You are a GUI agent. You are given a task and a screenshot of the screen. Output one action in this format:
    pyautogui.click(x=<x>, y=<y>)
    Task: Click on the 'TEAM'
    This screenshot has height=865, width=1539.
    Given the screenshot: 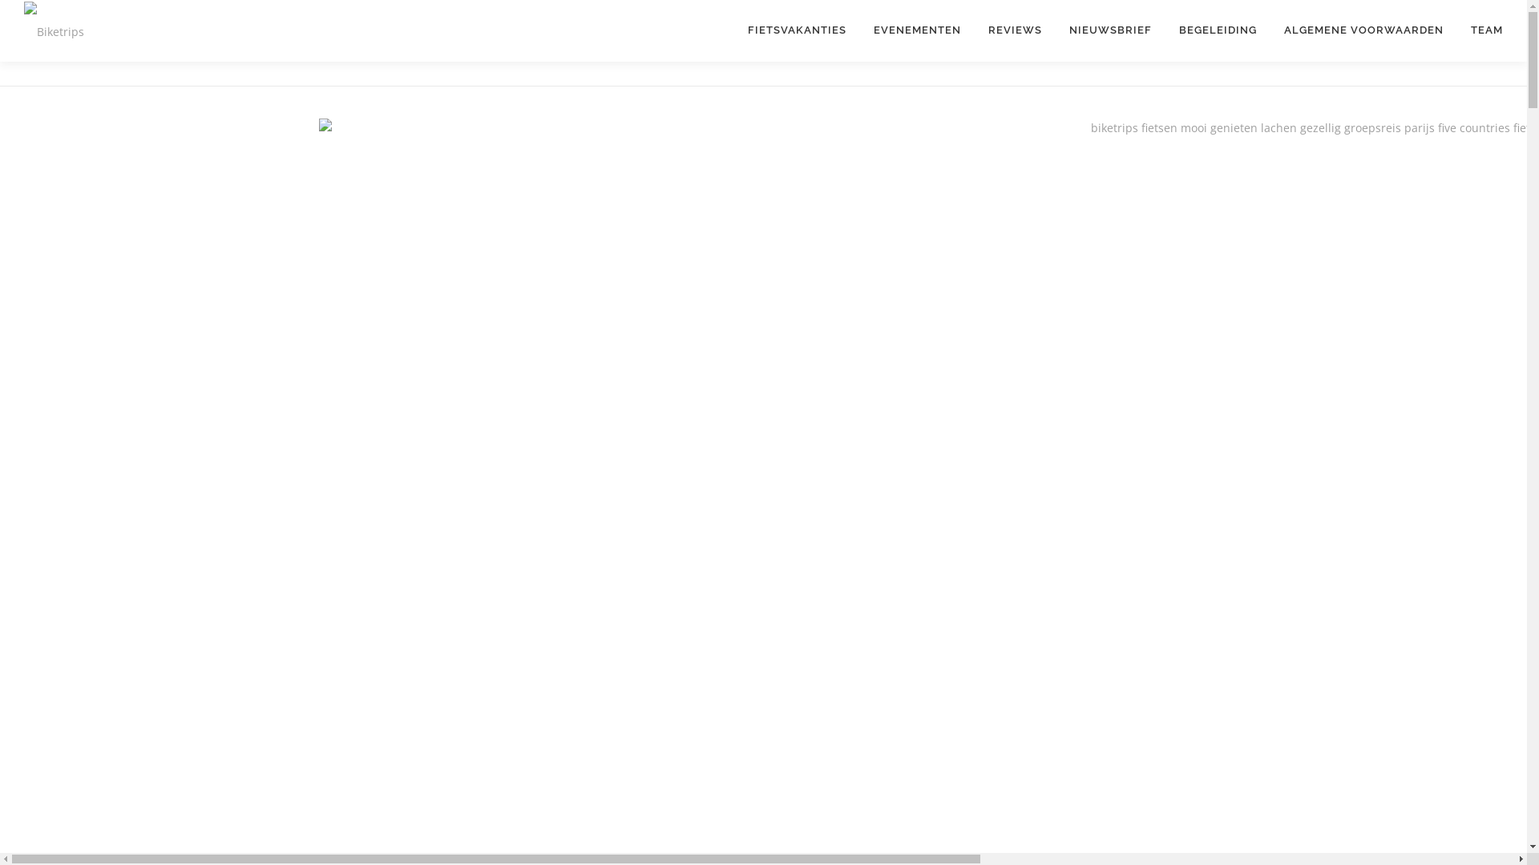 What is the action you would take?
    pyautogui.click(x=1479, y=30)
    